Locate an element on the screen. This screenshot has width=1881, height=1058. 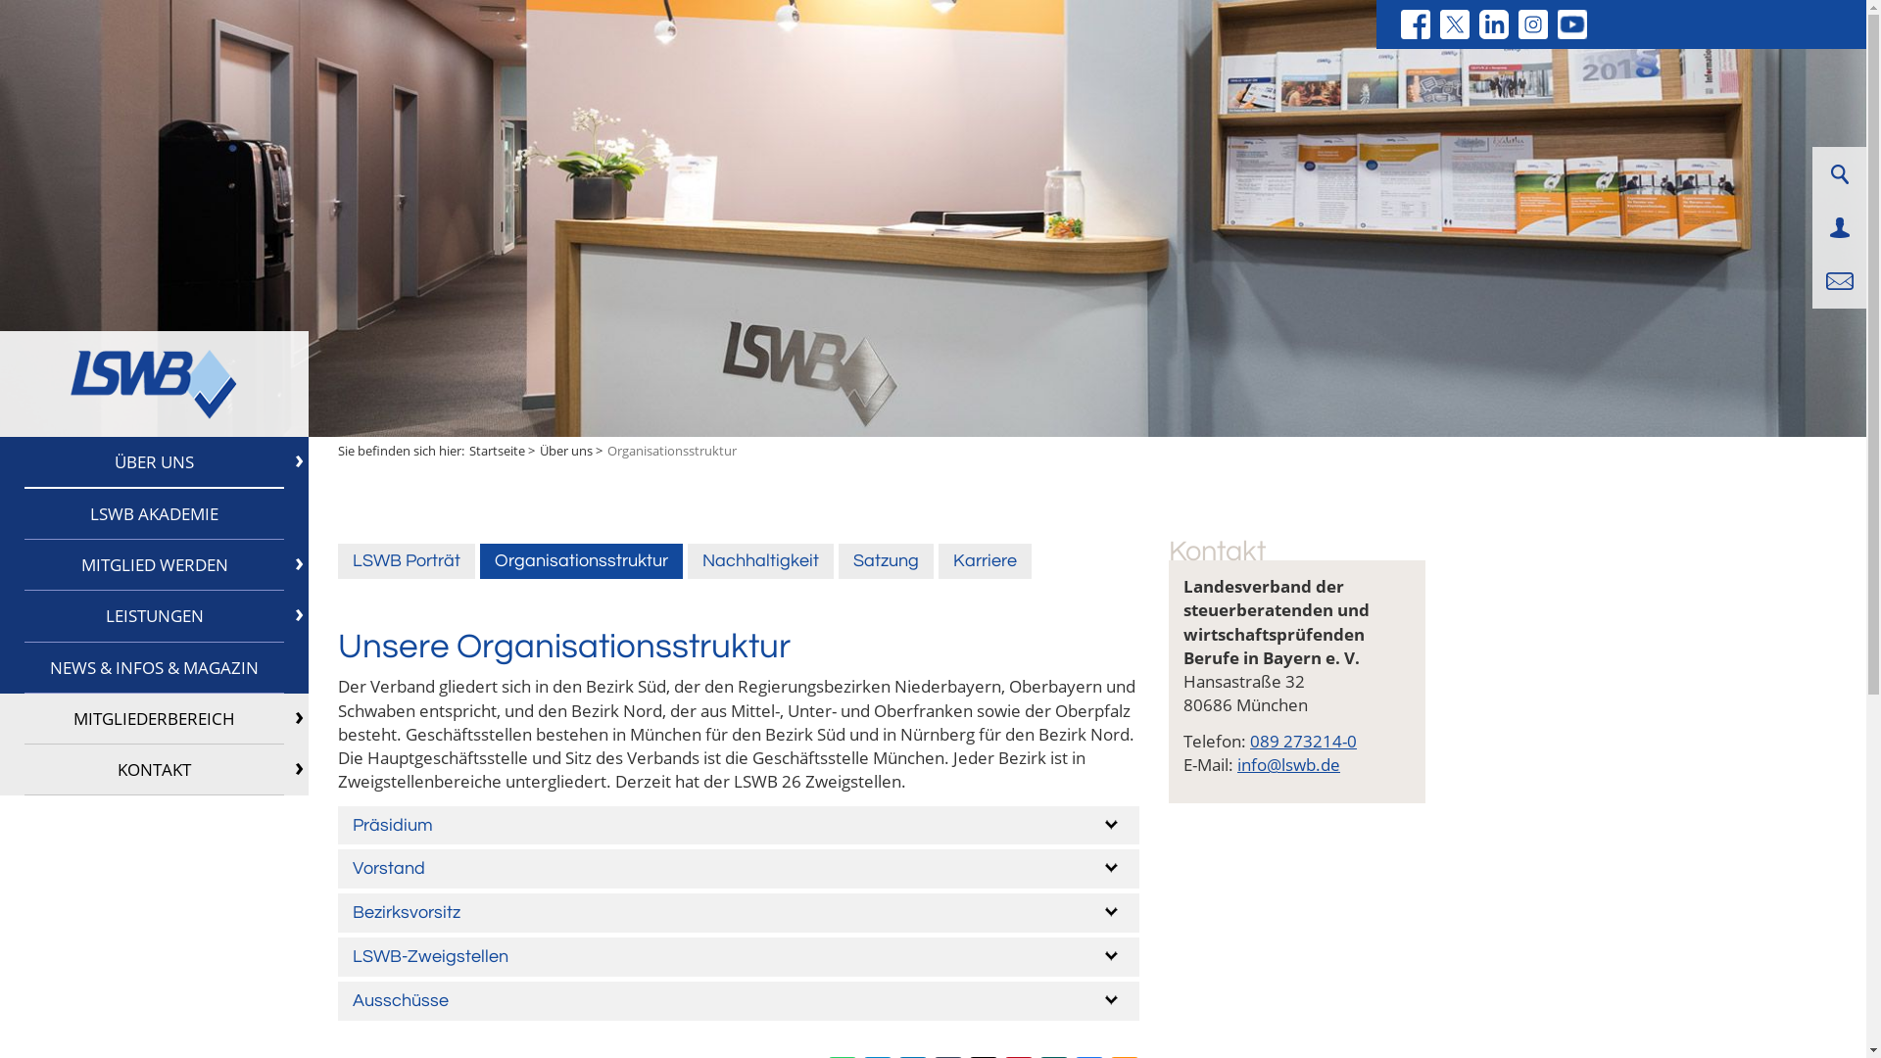
'LSWB' is located at coordinates (153, 384).